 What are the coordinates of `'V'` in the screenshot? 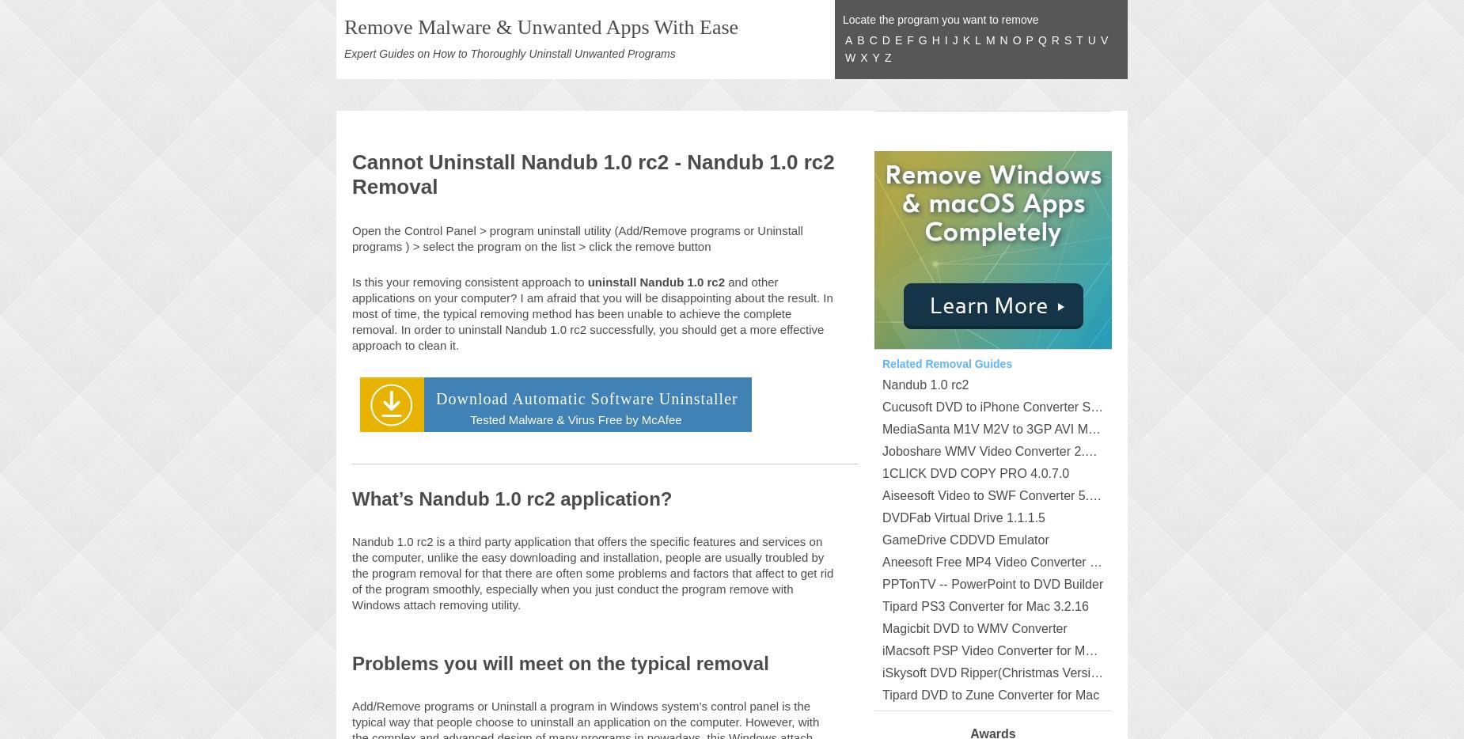 It's located at (1104, 40).